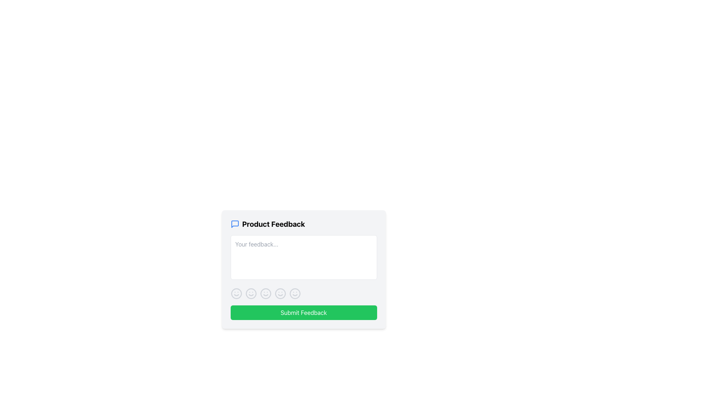  What do you see at coordinates (273, 224) in the screenshot?
I see `text label that serves as a section header, displaying 'Product Feedback', which is styled in bold and extra-large font, located at the top of the feedback form section` at bounding box center [273, 224].